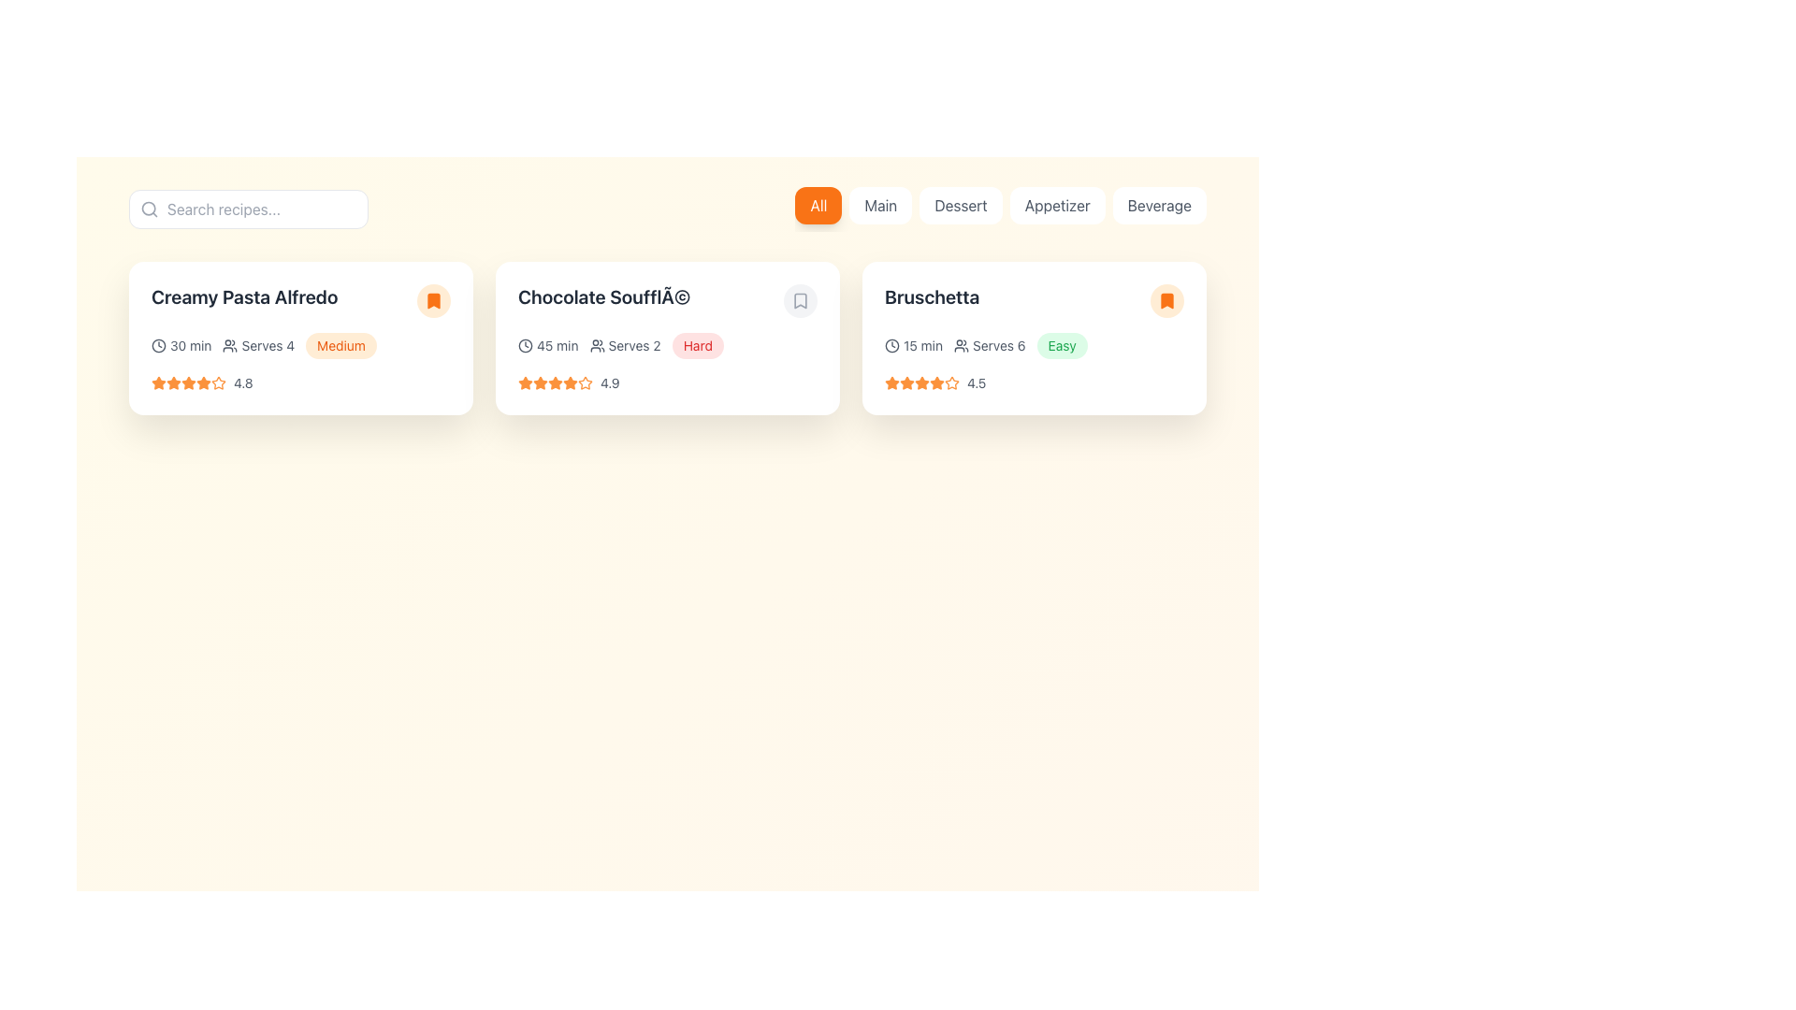 The height and width of the screenshot is (1010, 1796). Describe the element at coordinates (818, 205) in the screenshot. I see `the button labeled 'All' which has a vibrant orange background and rounded corners` at that location.